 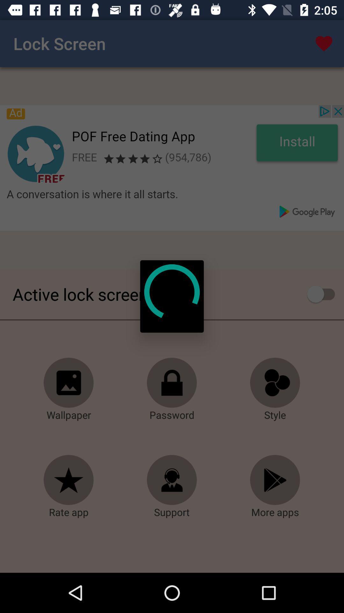 What do you see at coordinates (172, 480) in the screenshot?
I see `opens a page to contact support` at bounding box center [172, 480].